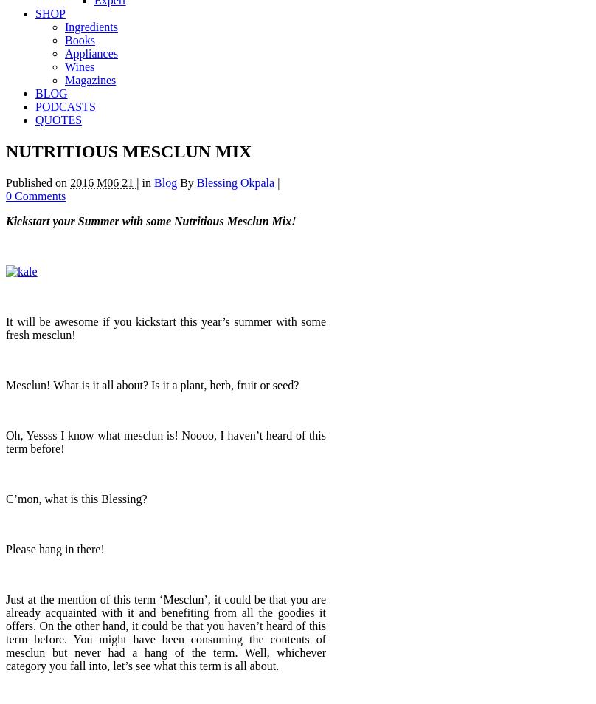 The width and height of the screenshot is (596, 704). Describe the element at coordinates (150, 220) in the screenshot. I see `'Kickstart your Summer with some Nutritious Mesclun Mix!'` at that location.